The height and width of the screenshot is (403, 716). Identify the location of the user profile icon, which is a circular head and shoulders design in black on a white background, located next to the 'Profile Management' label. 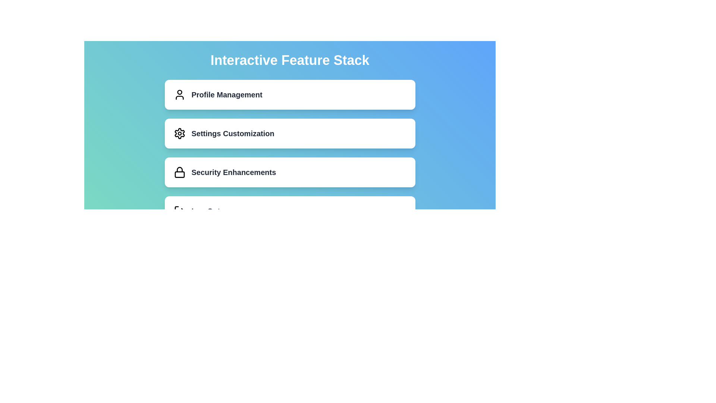
(179, 94).